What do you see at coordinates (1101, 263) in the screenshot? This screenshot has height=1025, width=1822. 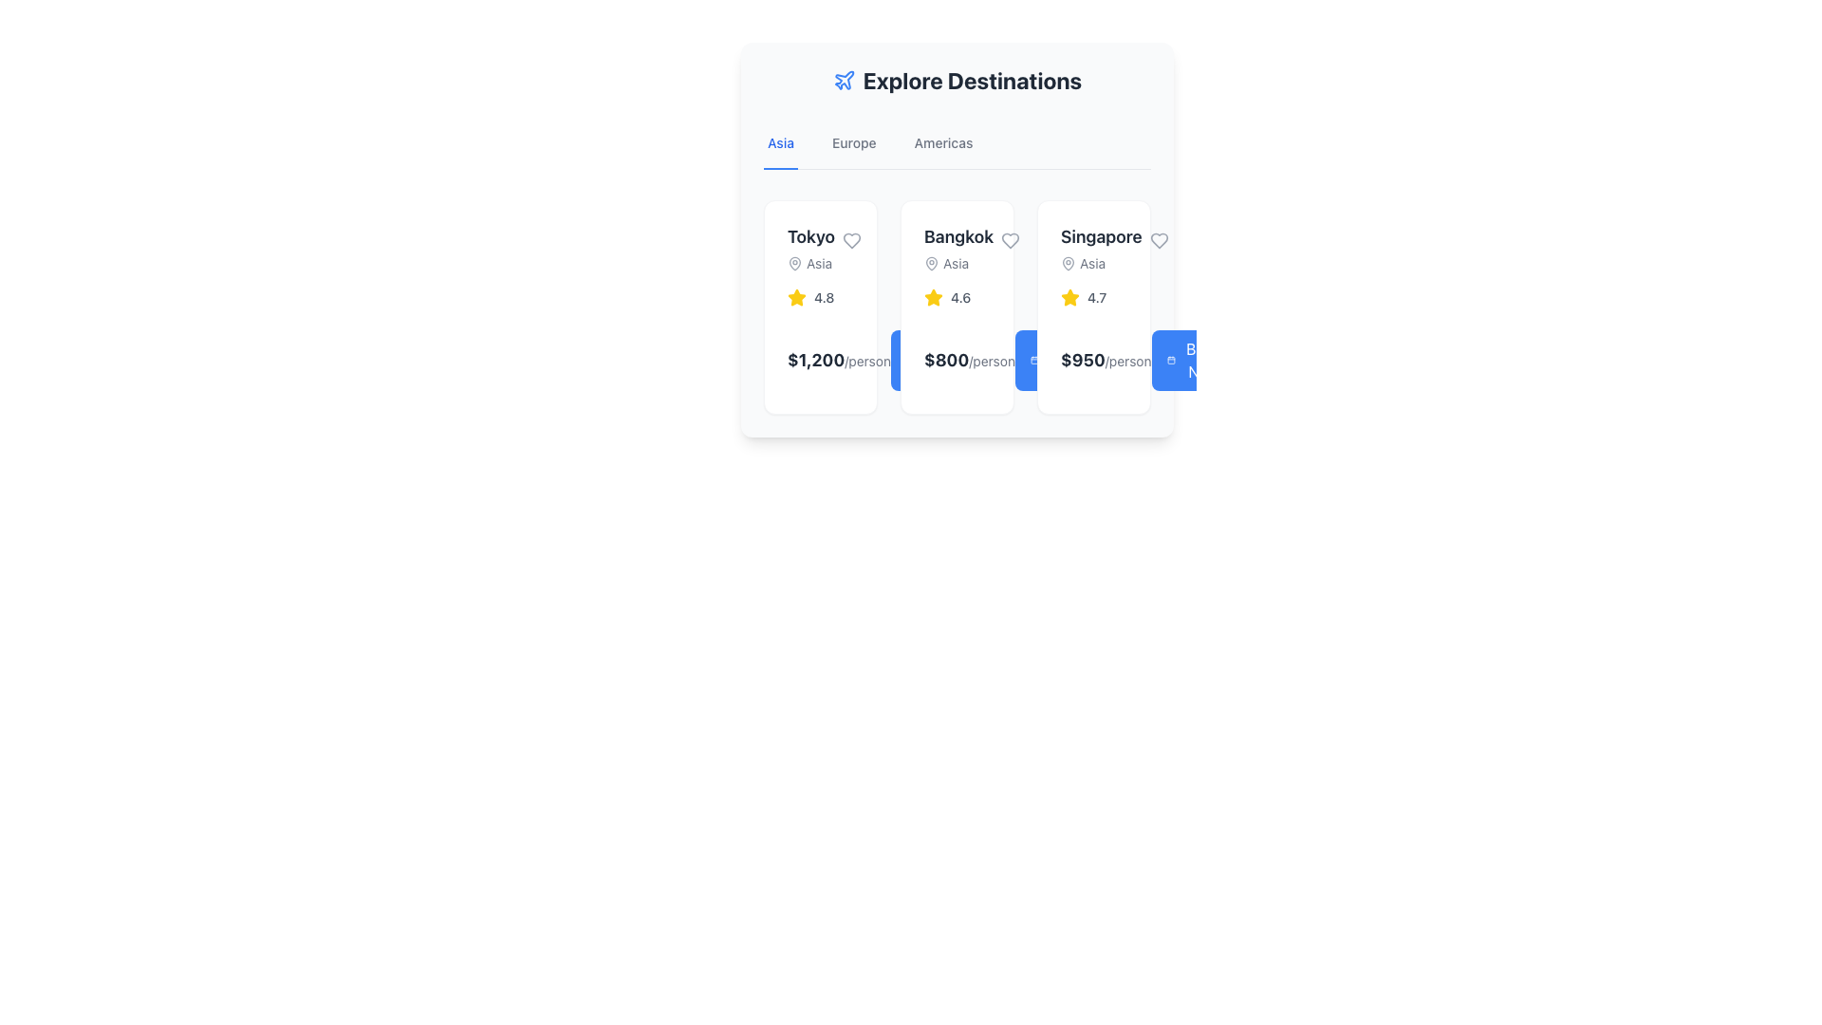 I see `text label displaying 'Asia' located in the bottom section of the third card from the left, below the 'Singapore' label` at bounding box center [1101, 263].